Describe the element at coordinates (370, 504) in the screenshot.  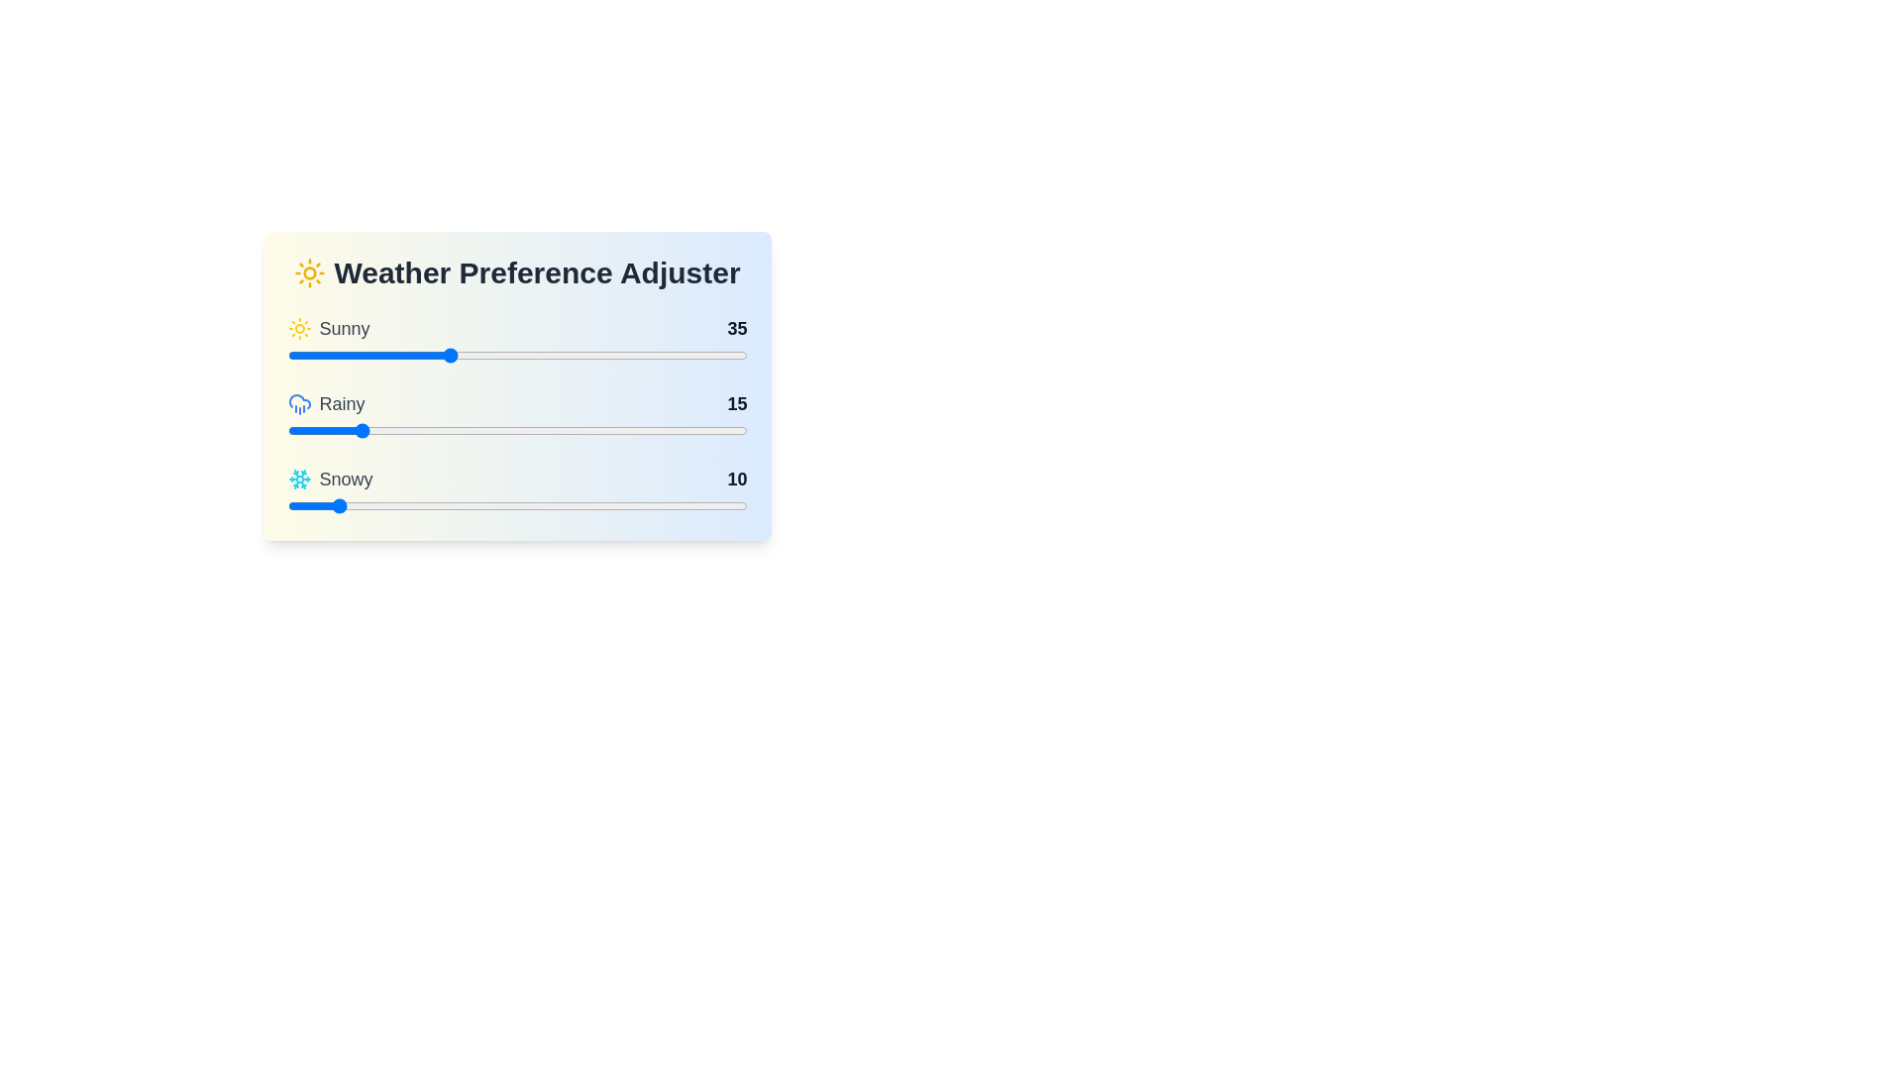
I see `the 'Snowy' slider to a value of 18` at that location.